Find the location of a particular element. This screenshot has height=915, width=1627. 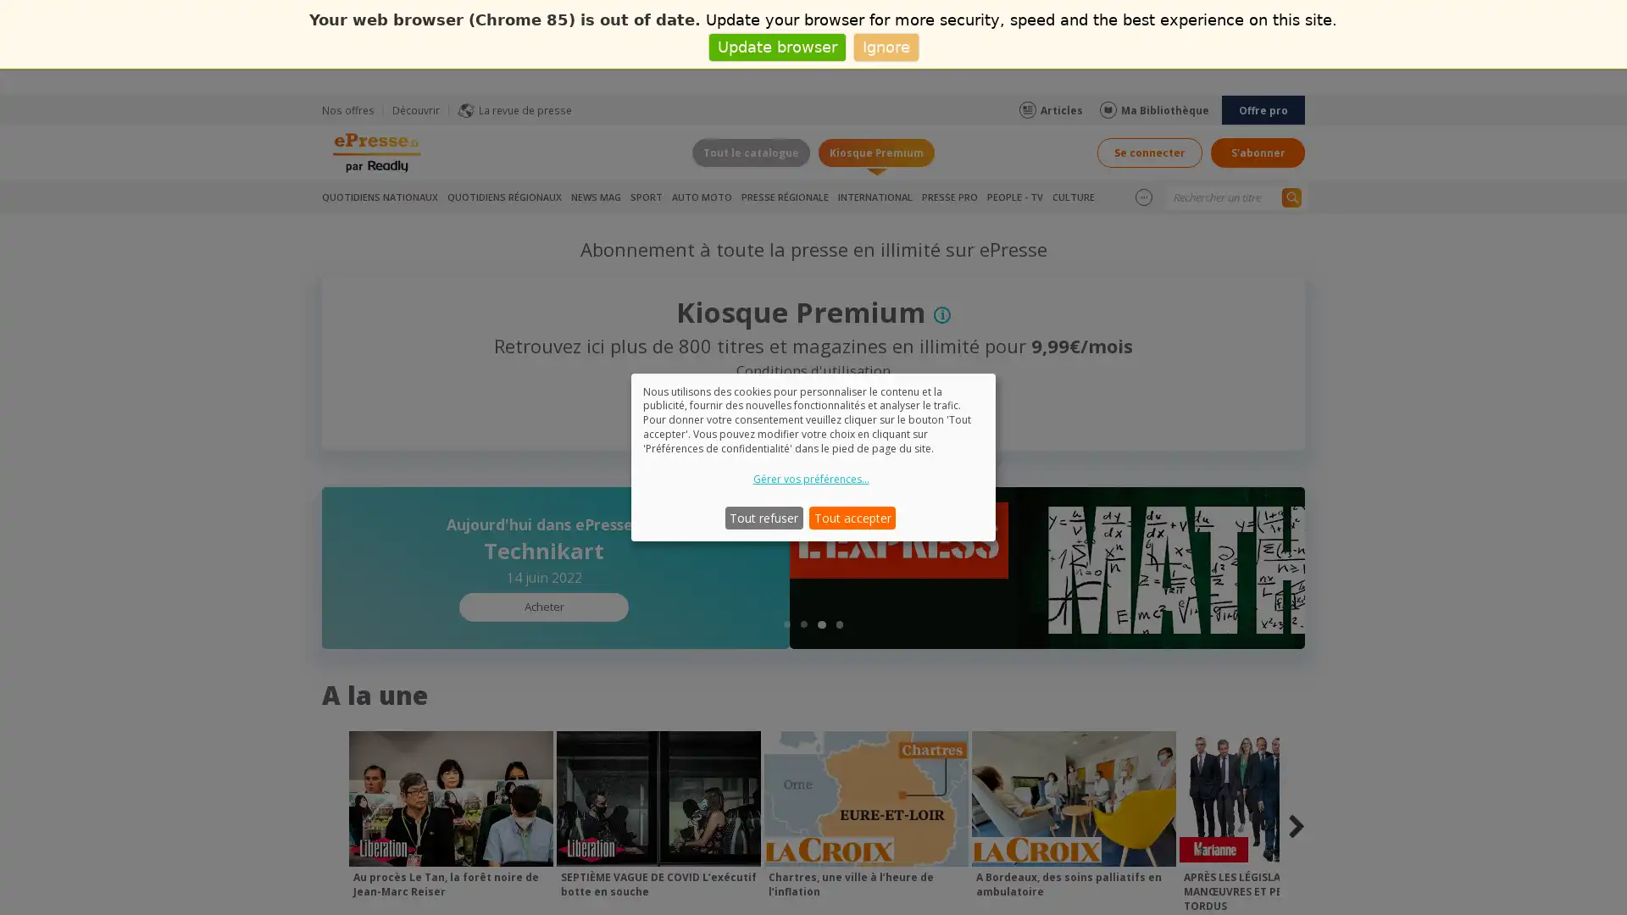

Gerer vos preferences... is located at coordinates (809, 478).